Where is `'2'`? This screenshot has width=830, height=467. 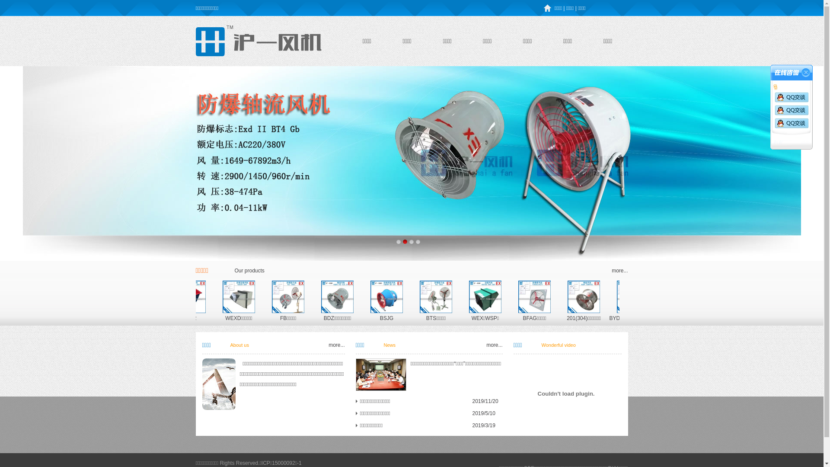
'2' is located at coordinates (402, 241).